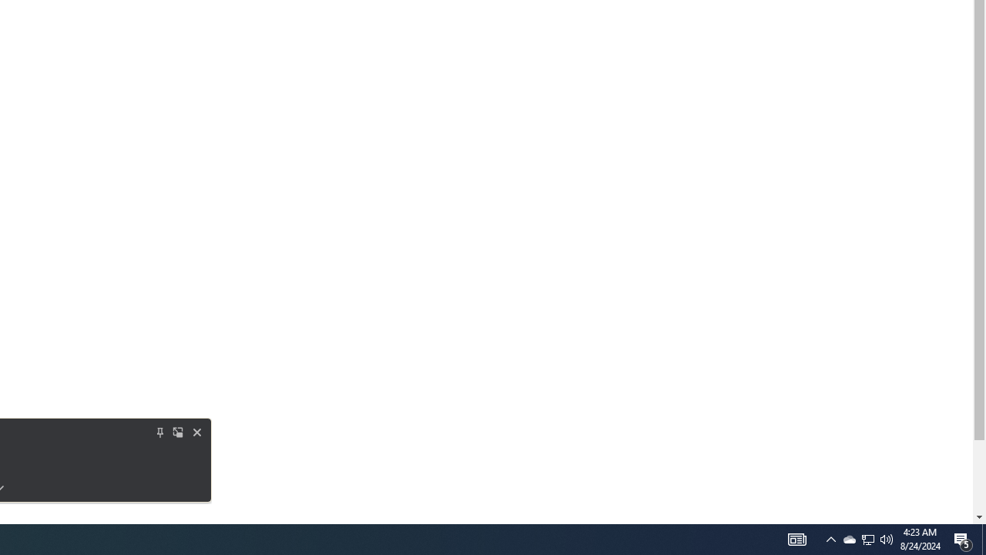 The image size is (986, 555). I want to click on 'AutomationID: 4105', so click(797, 538).